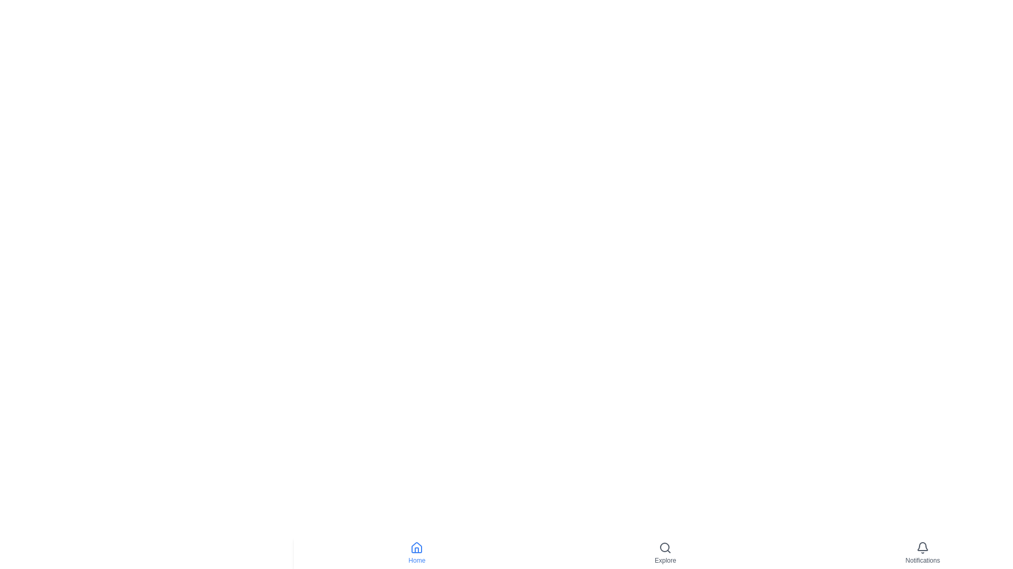 Image resolution: width=1013 pixels, height=569 pixels. I want to click on the search icon located in the bottom navigation bar under the 'Explore' label, so click(665, 547).